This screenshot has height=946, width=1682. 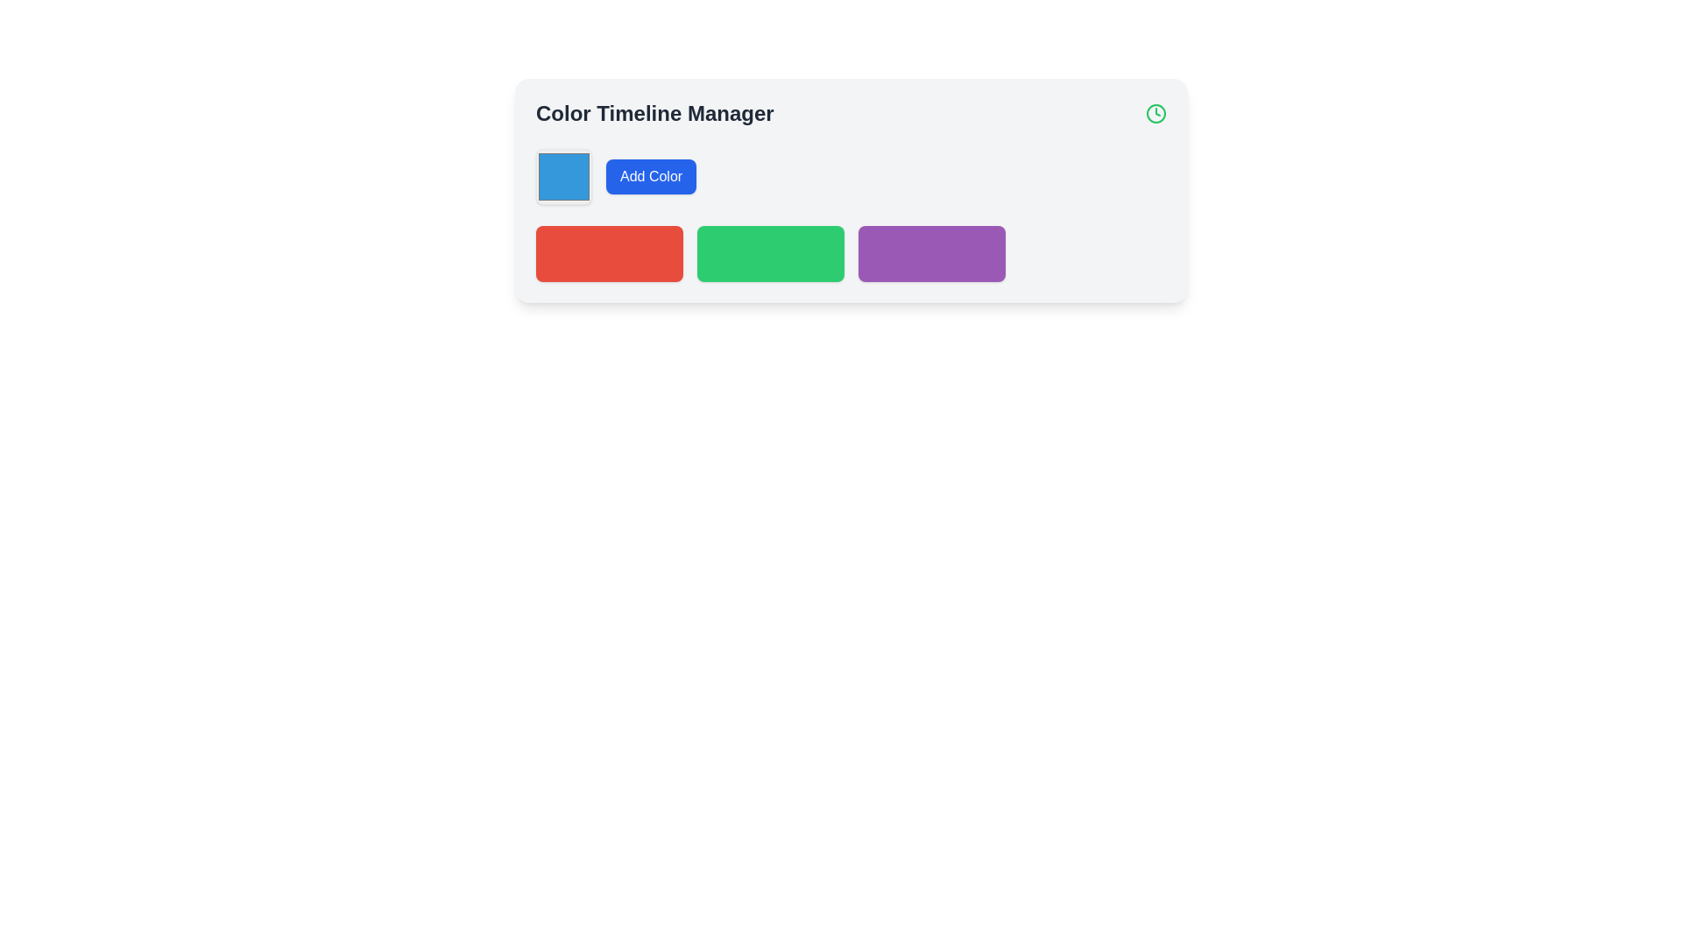 What do you see at coordinates (650, 176) in the screenshot?
I see `the rectangular blue button with white text reading 'Add Color', located under the headline 'Color Timeline Manager'` at bounding box center [650, 176].